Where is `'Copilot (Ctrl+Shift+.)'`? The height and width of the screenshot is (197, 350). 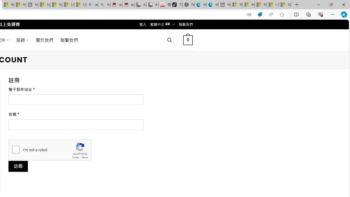 'Copilot (Ctrl+Shift+.)' is located at coordinates (344, 14).